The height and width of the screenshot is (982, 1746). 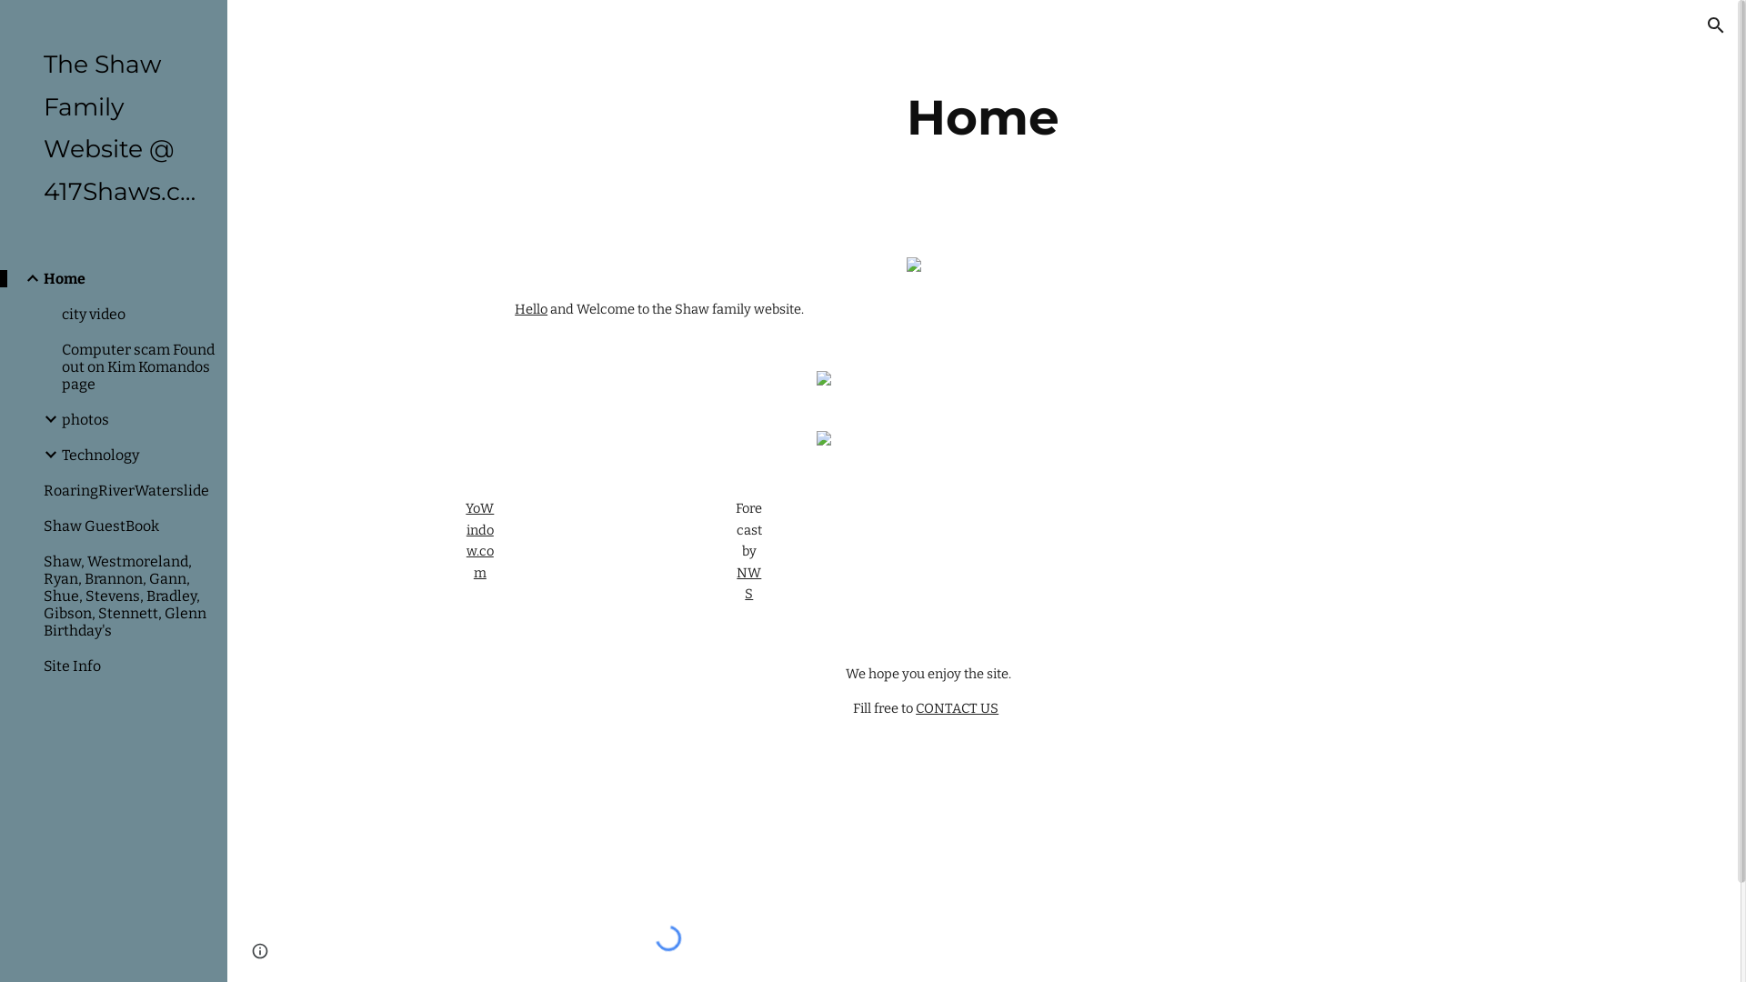 I want to click on 'CONTACT US', so click(x=956, y=707).